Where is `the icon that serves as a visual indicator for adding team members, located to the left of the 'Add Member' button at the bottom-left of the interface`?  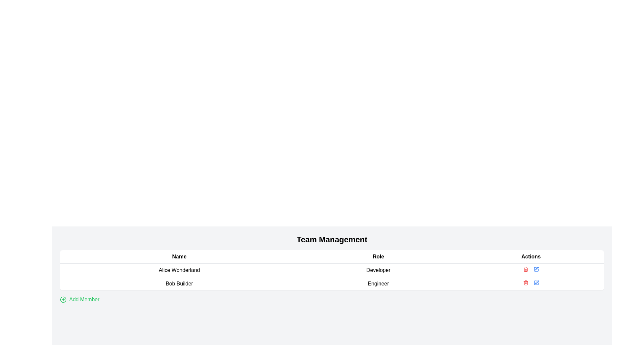
the icon that serves as a visual indicator for adding team members, located to the left of the 'Add Member' button at the bottom-left of the interface is located at coordinates (63, 300).